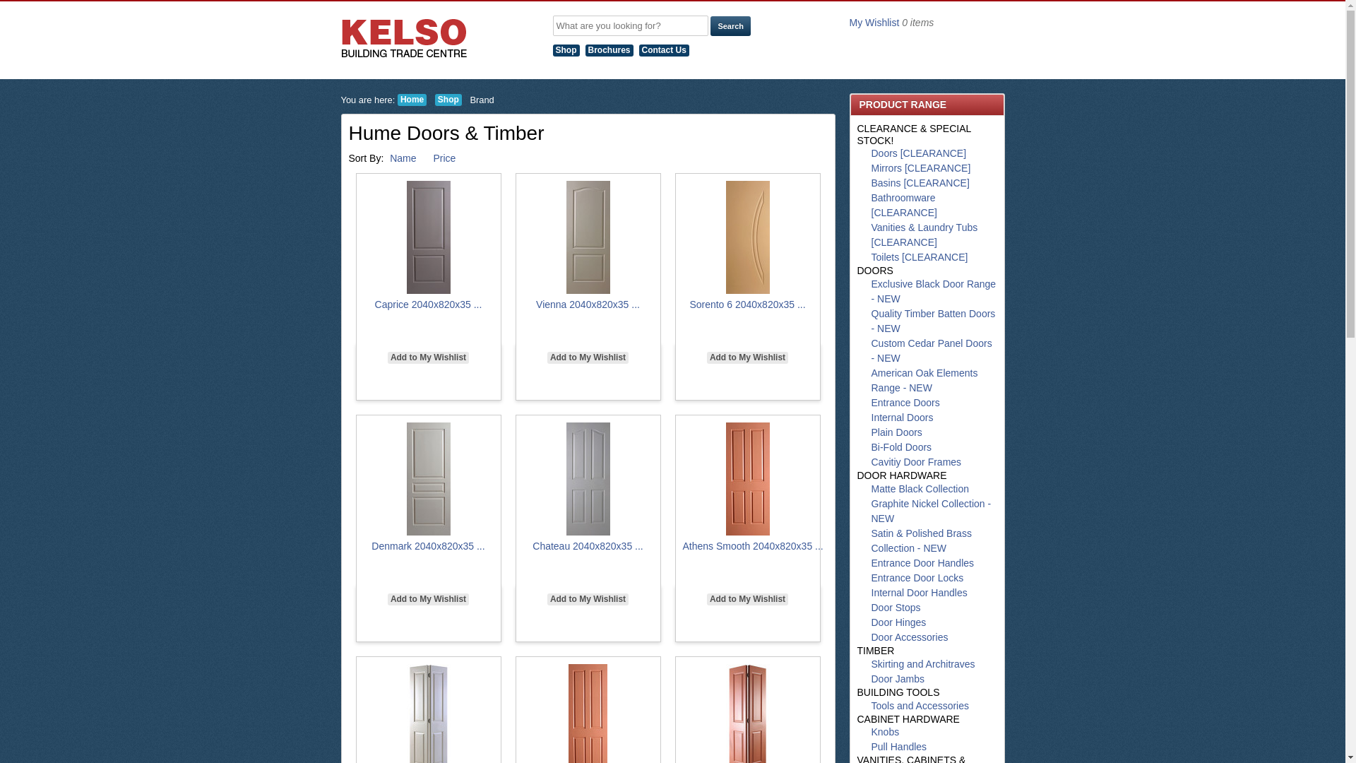 The width and height of the screenshot is (1356, 763). I want to click on 'American Oak Elements Range - NEW', so click(924, 379).